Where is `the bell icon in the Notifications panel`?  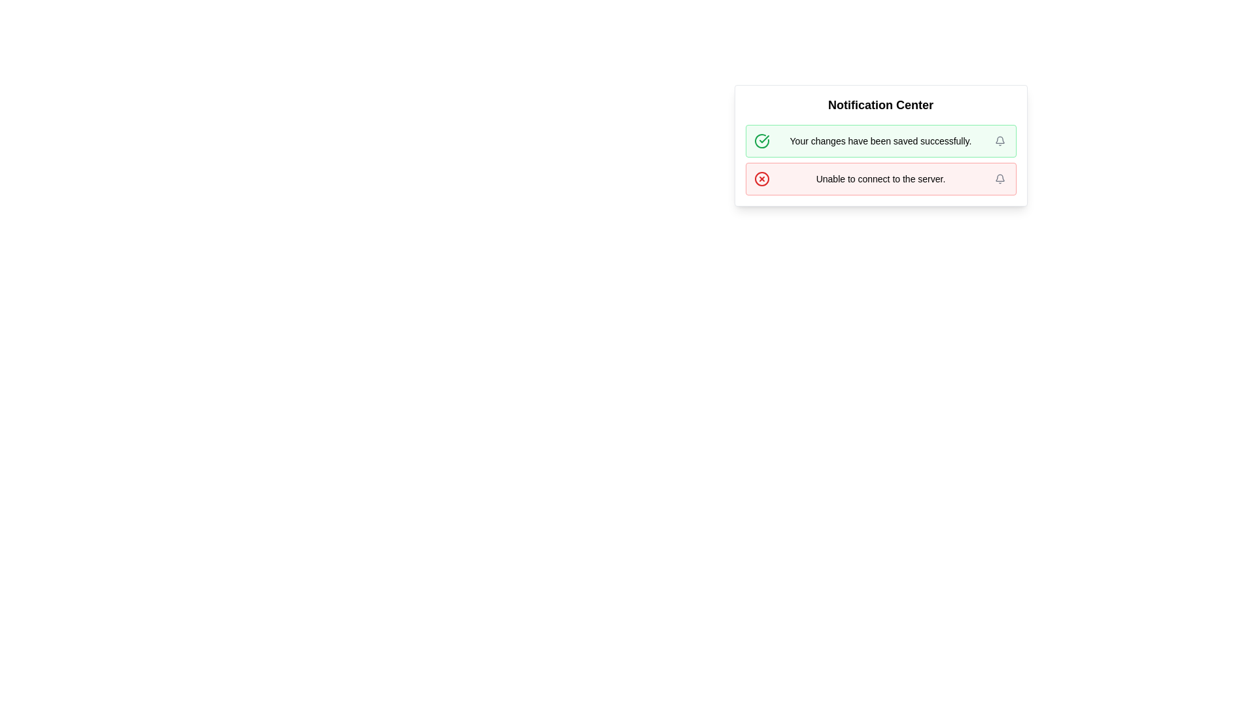
the bell icon in the Notifications panel is located at coordinates (999, 178).